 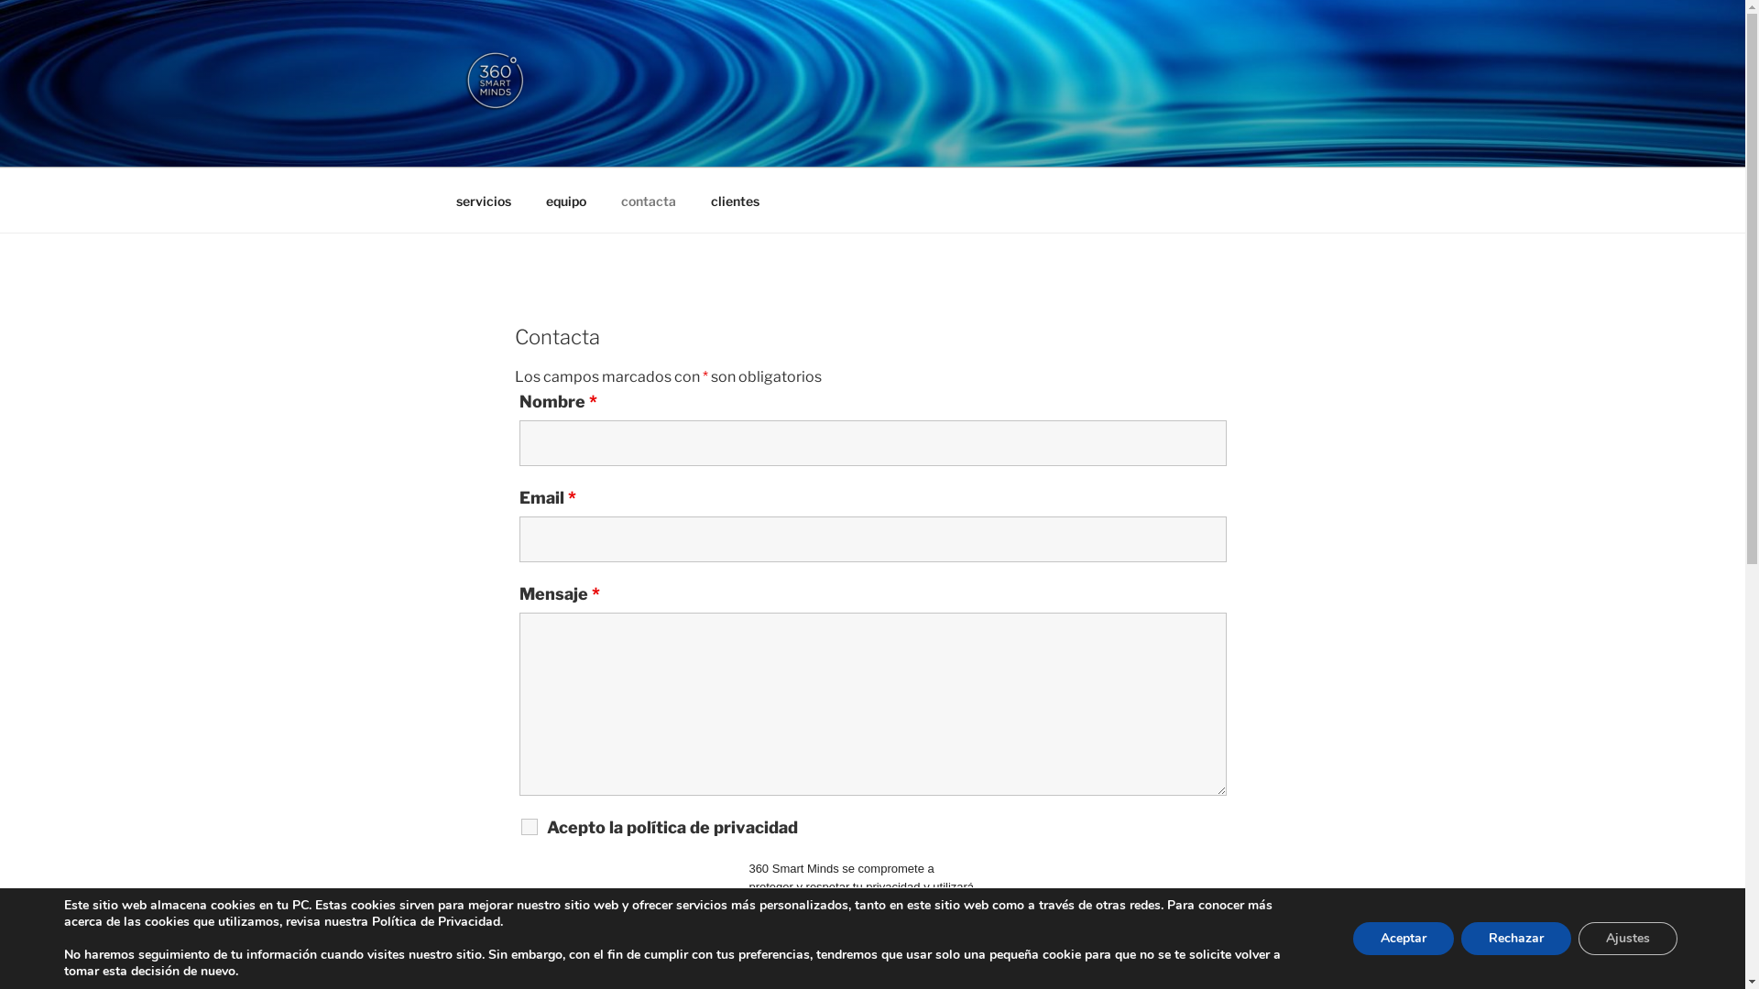 I want to click on 'Ajustes', so click(x=1578, y=939).